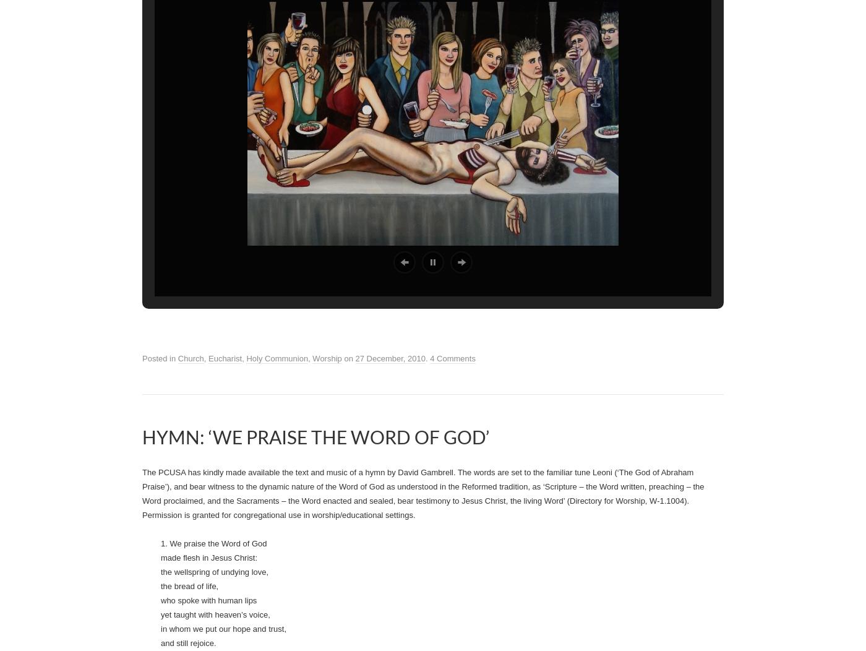 The image size is (866, 651). Describe the element at coordinates (388, 262) in the screenshot. I see `'.'` at that location.